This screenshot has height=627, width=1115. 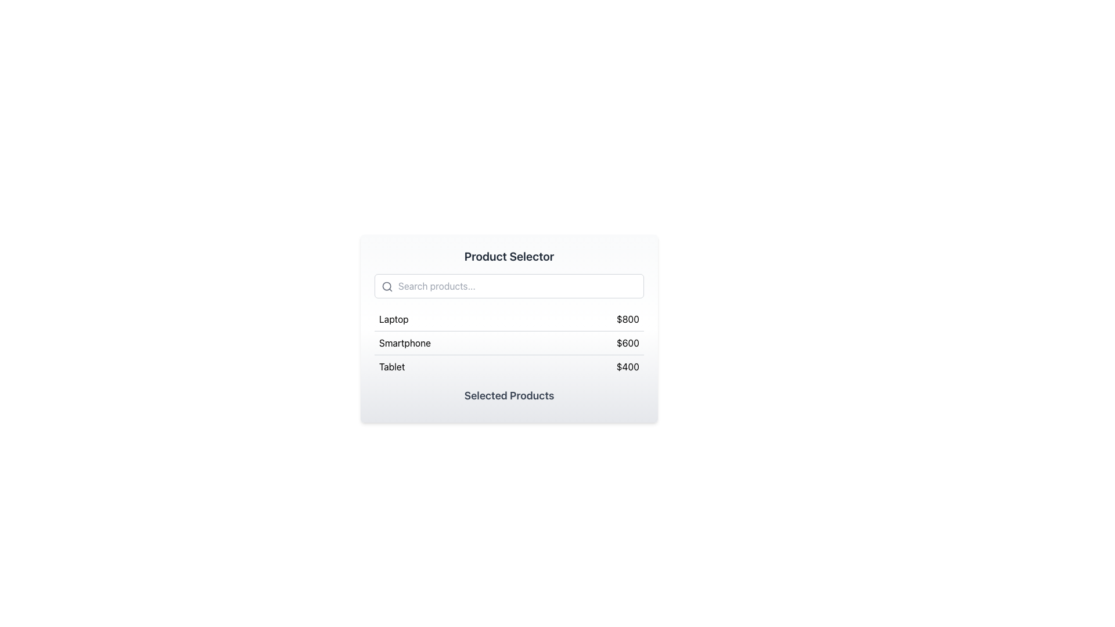 What do you see at coordinates (627, 342) in the screenshot?
I see `the price label indicating the price of the 'Smartphone' product in the product selector interface, located centrally within the 'Smartphone' row` at bounding box center [627, 342].